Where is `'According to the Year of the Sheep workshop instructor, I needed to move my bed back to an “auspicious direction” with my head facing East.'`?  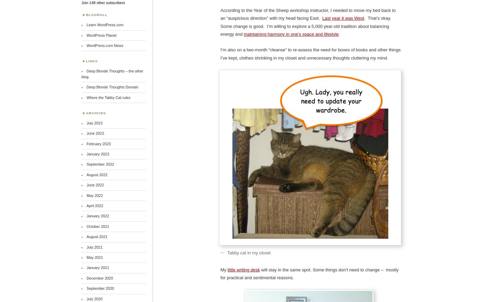 'According to the Year of the Sheep workshop instructor, I needed to move my bed back to an “auspicious direction” with my head facing East.' is located at coordinates (308, 14).